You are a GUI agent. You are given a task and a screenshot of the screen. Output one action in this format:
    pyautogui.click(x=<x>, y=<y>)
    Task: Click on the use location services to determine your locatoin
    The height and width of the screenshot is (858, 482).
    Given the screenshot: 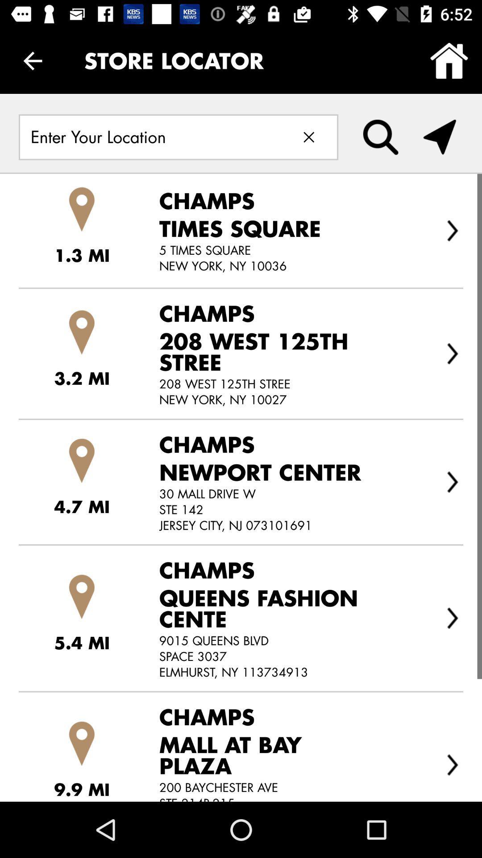 What is the action you would take?
    pyautogui.click(x=439, y=137)
    